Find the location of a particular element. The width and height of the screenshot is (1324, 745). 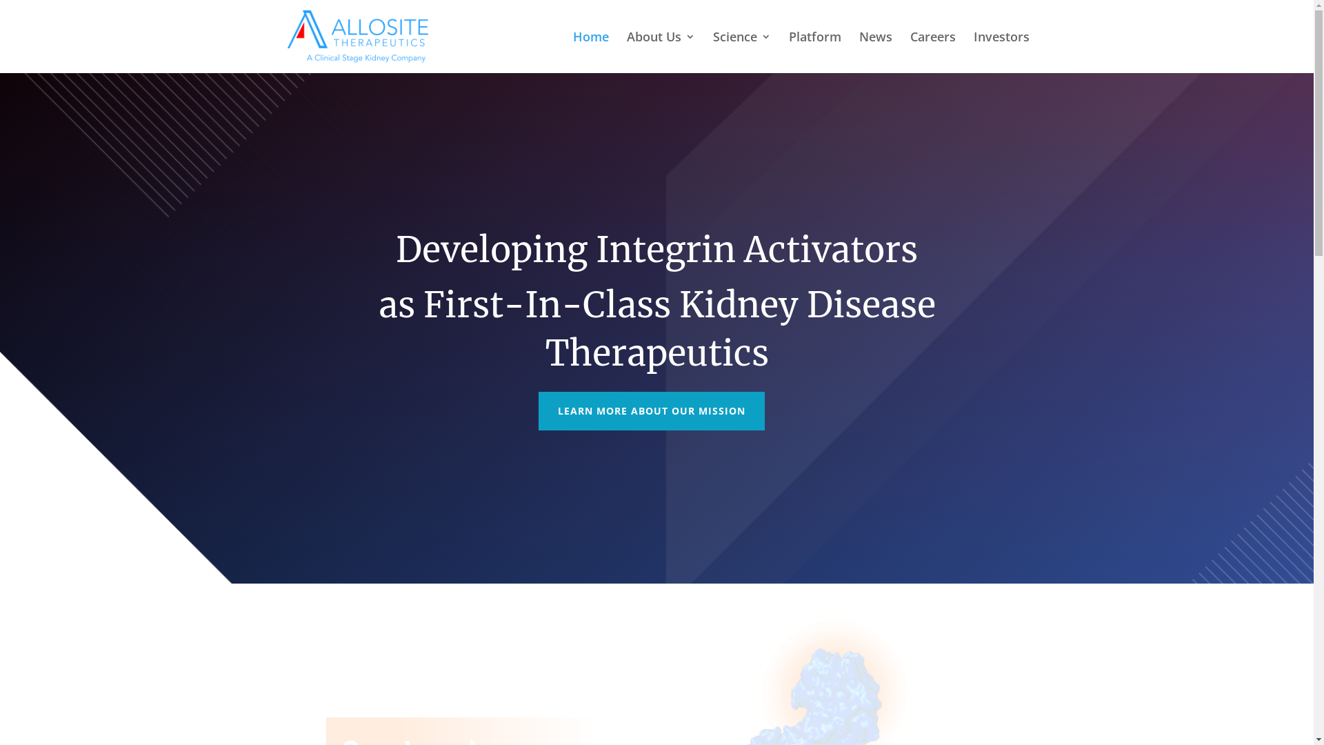

'Platform' is located at coordinates (814, 52).